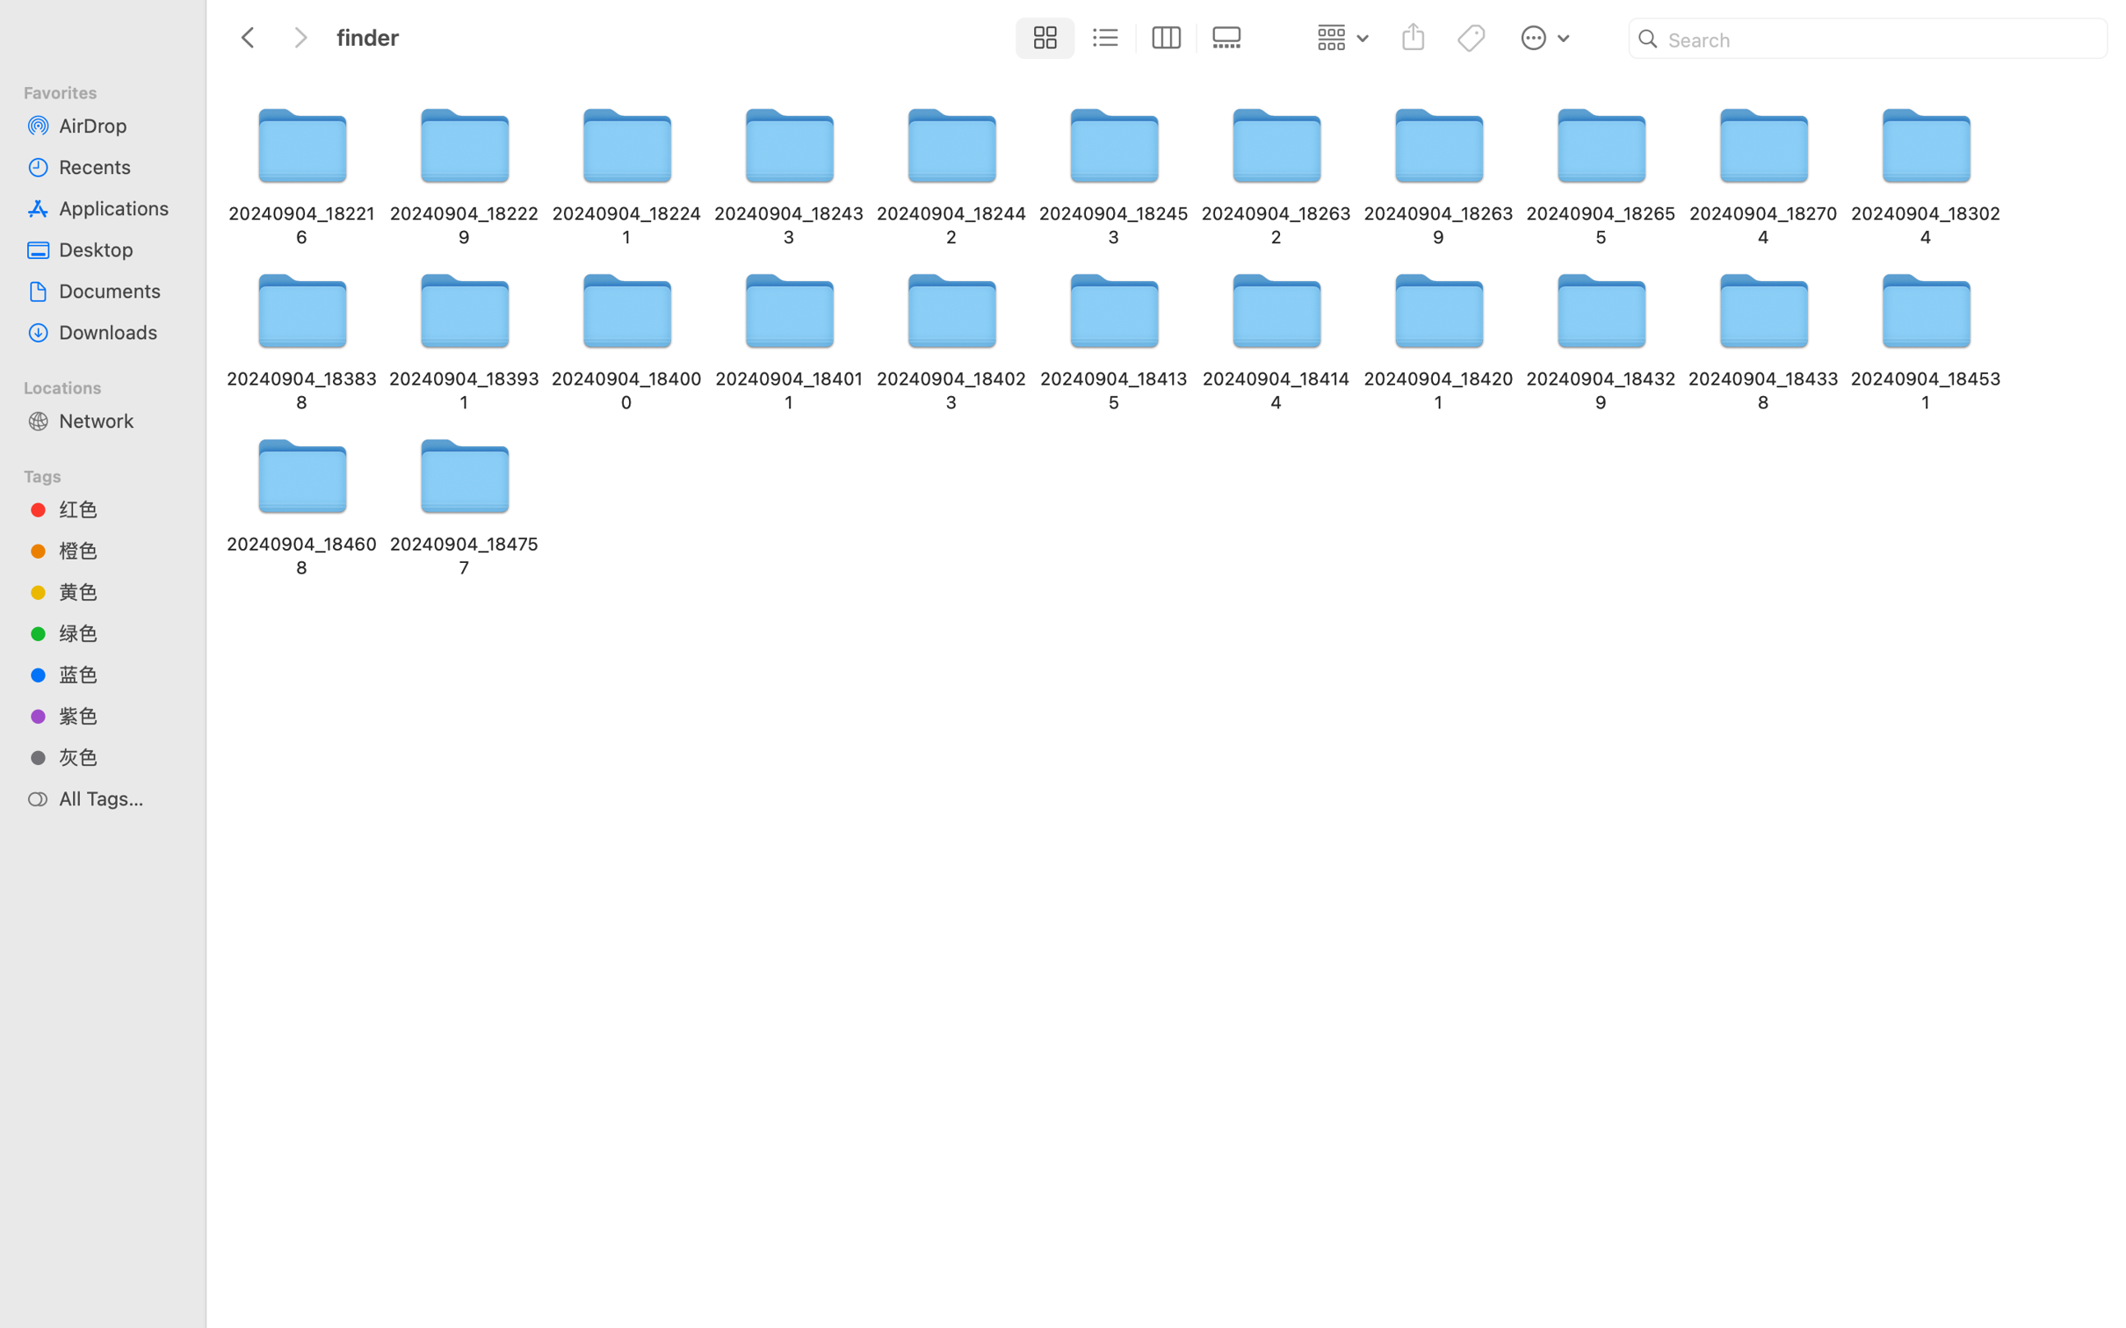 The width and height of the screenshot is (2126, 1328). What do you see at coordinates (110, 385) in the screenshot?
I see `'Locations'` at bounding box center [110, 385].